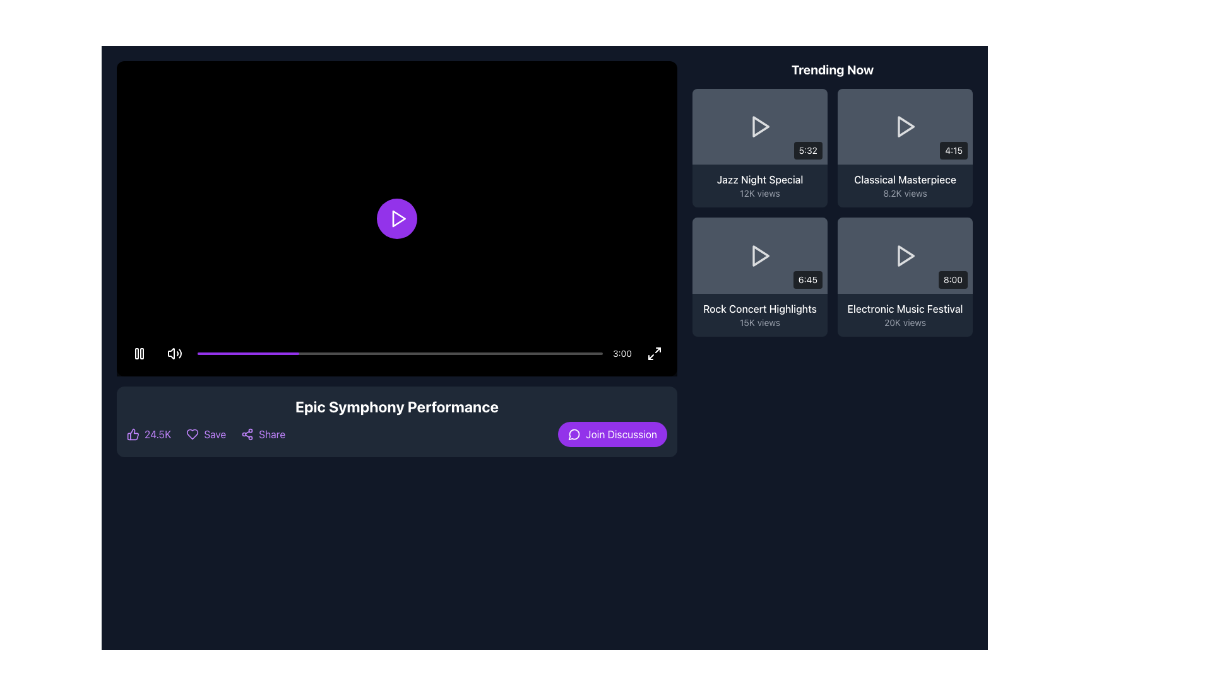 This screenshot has width=1212, height=681. Describe the element at coordinates (139, 353) in the screenshot. I see `the Pause symbol icon located near the bottom center of the media player, which serves as a playback control button to pause the currently playing video` at that location.